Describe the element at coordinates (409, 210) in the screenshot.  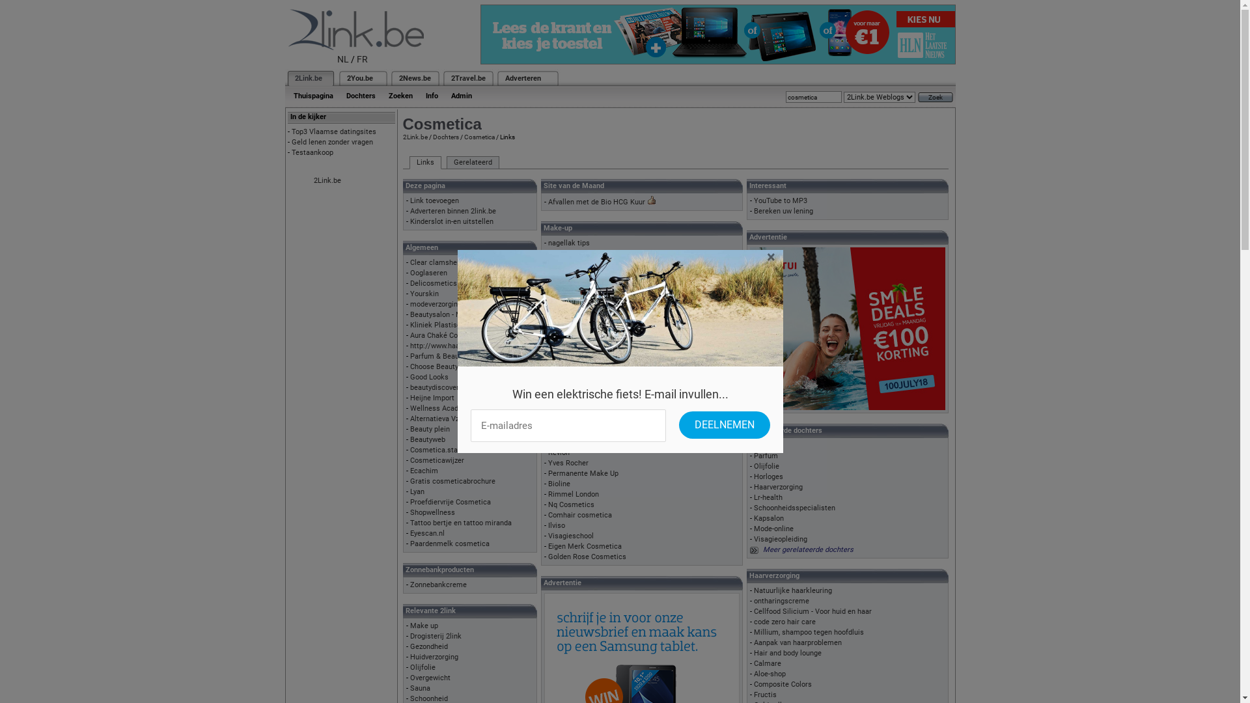
I see `'Adverteren binnen 2link.be'` at that location.